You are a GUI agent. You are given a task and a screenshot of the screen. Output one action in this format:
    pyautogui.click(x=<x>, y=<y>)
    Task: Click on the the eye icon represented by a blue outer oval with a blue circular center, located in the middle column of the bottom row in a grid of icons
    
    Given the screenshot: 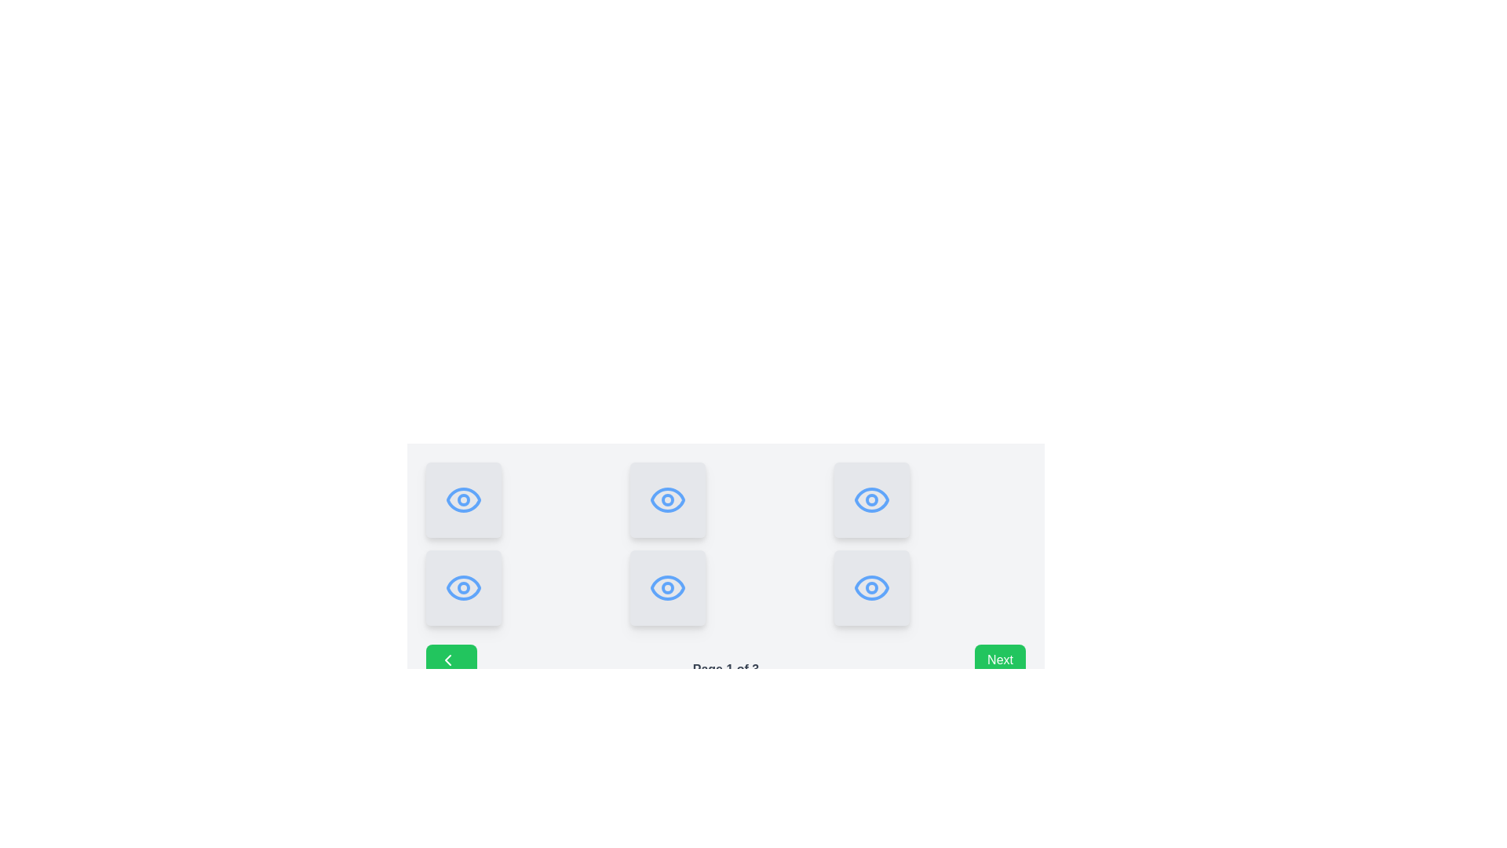 What is the action you would take?
    pyautogui.click(x=667, y=587)
    